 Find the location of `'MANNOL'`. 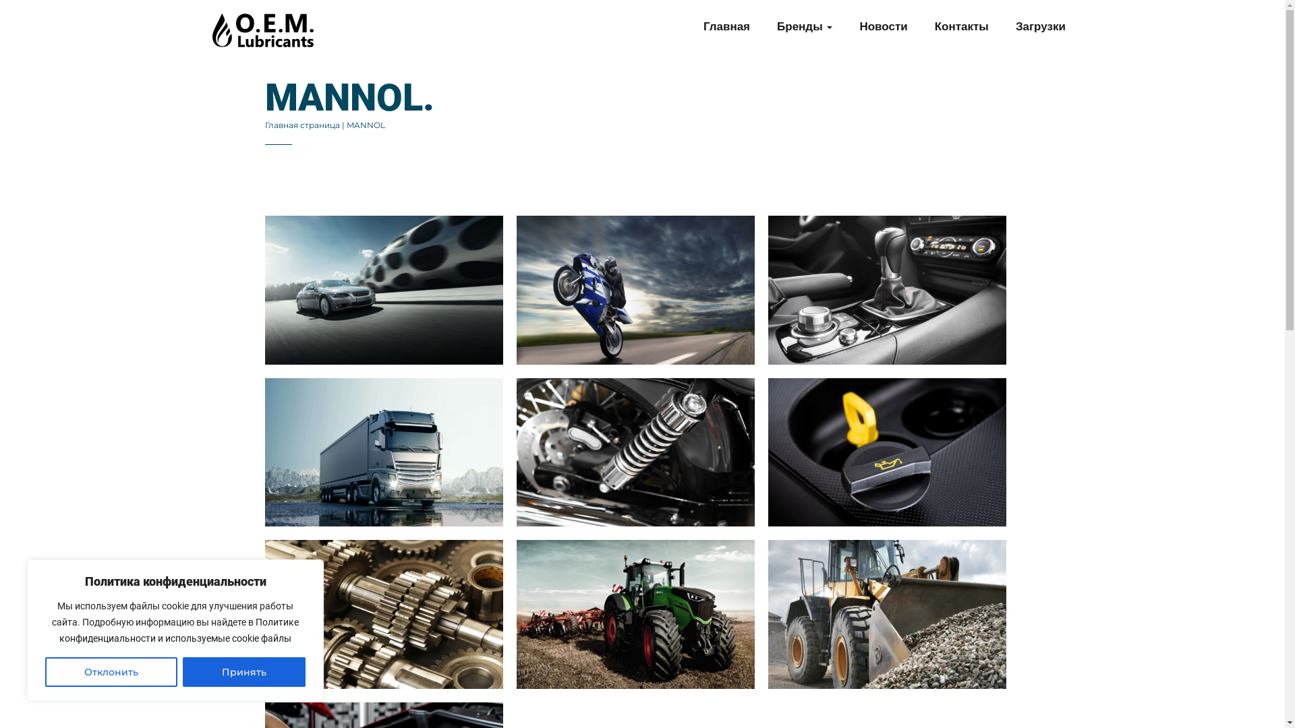

'MANNOL' is located at coordinates (366, 125).